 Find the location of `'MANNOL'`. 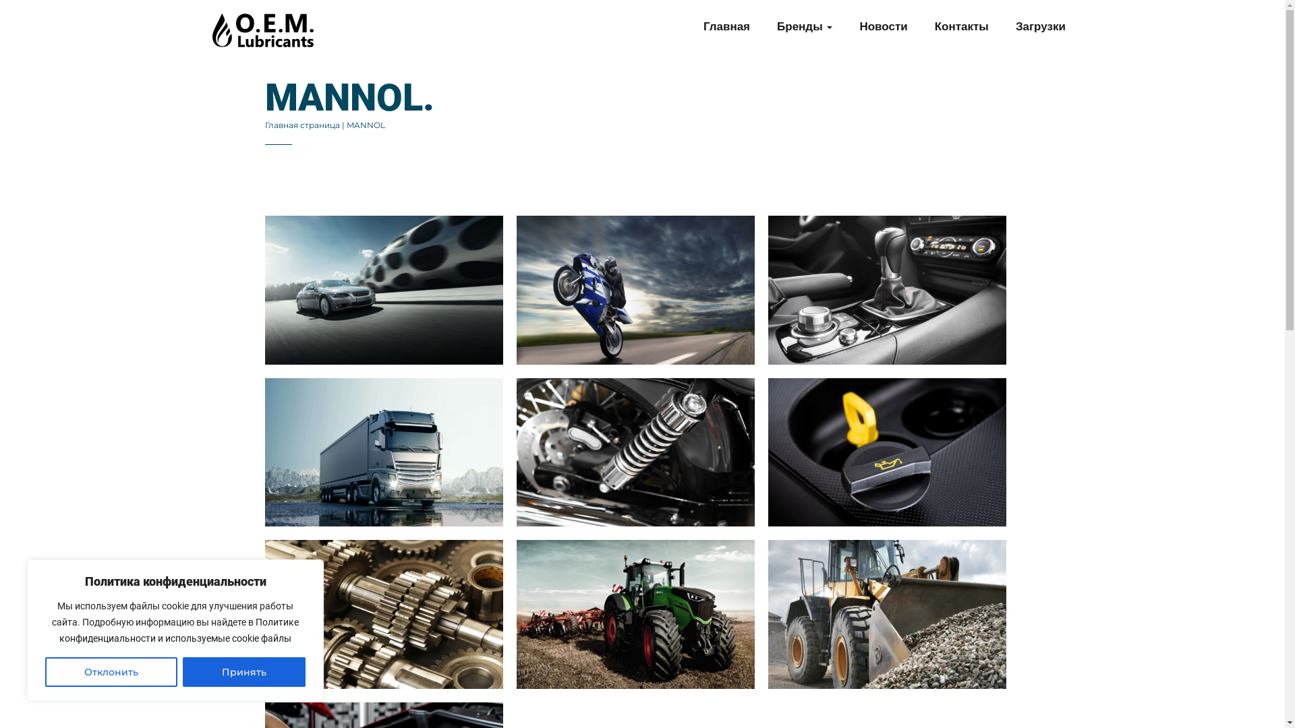

'MANNOL' is located at coordinates (366, 125).